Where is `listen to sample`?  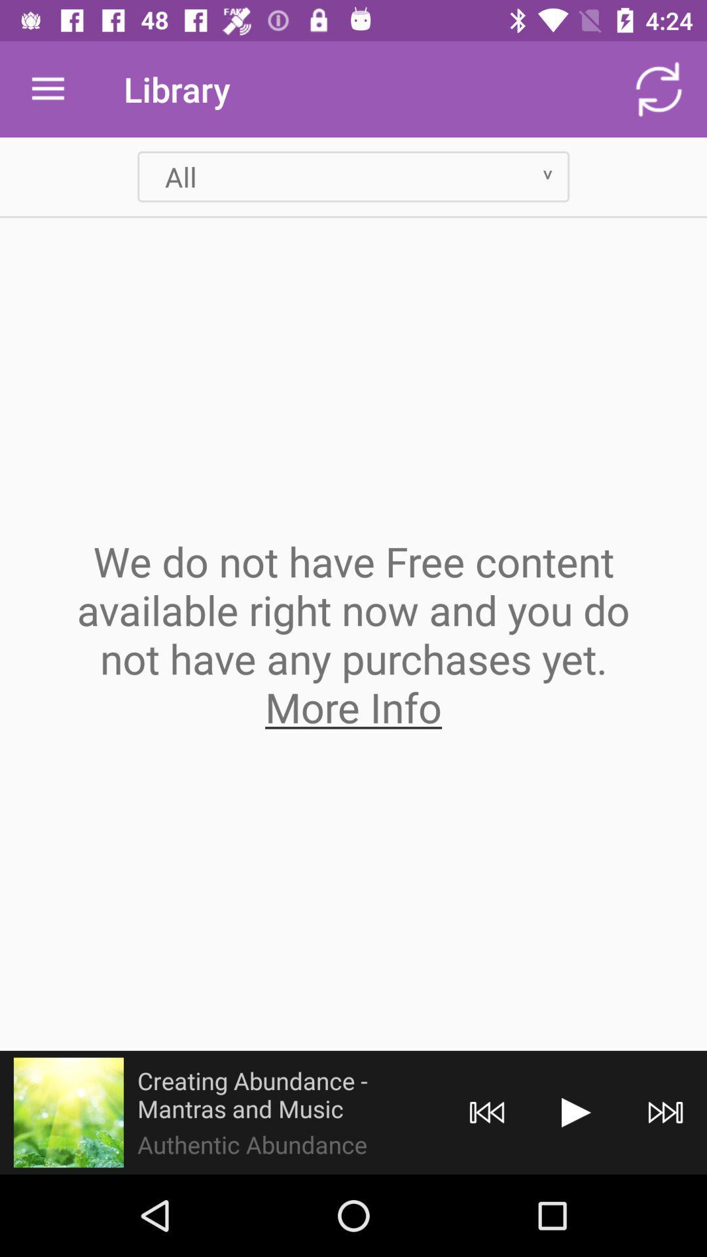
listen to sample is located at coordinates (68, 1112).